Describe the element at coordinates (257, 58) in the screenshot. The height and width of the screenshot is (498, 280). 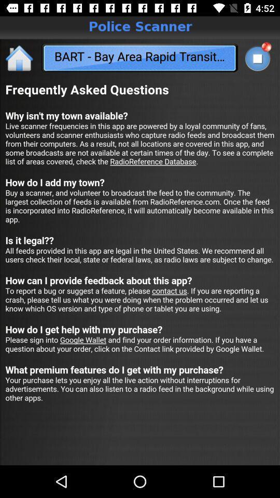
I see `stop scanner` at that location.